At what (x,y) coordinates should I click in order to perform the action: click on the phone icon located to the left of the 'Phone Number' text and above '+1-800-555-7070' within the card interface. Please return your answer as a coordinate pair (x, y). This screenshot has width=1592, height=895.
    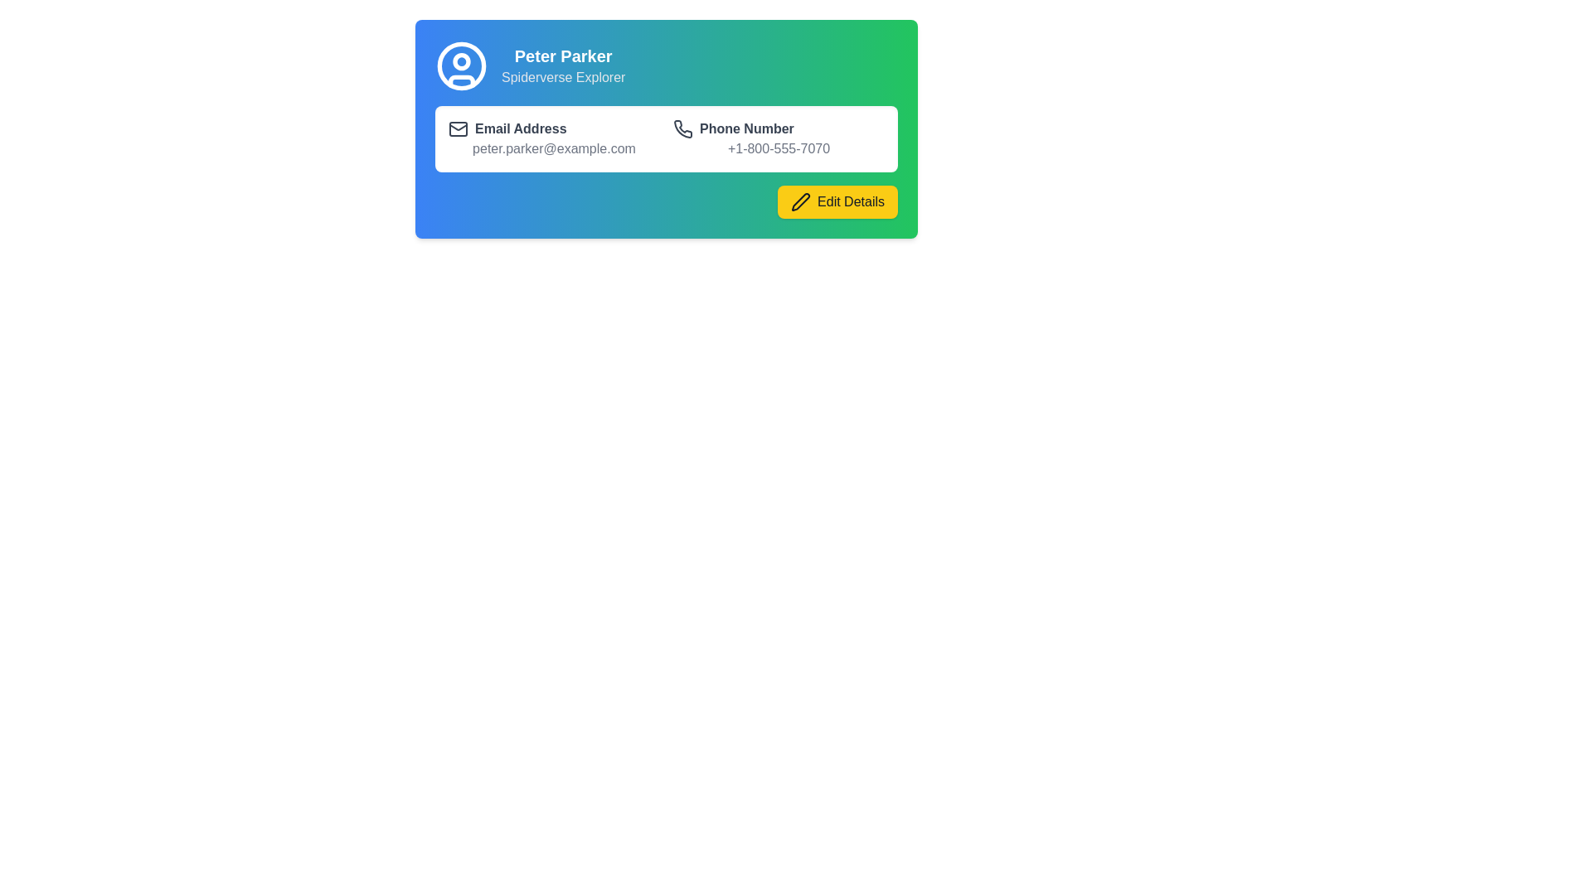
    Looking at the image, I should click on (683, 128).